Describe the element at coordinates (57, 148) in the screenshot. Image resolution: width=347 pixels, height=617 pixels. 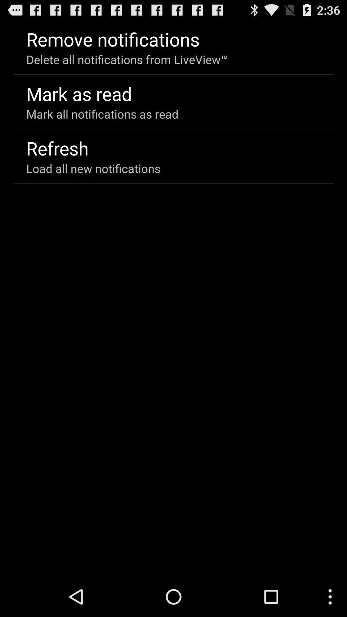
I see `item above load all new item` at that location.